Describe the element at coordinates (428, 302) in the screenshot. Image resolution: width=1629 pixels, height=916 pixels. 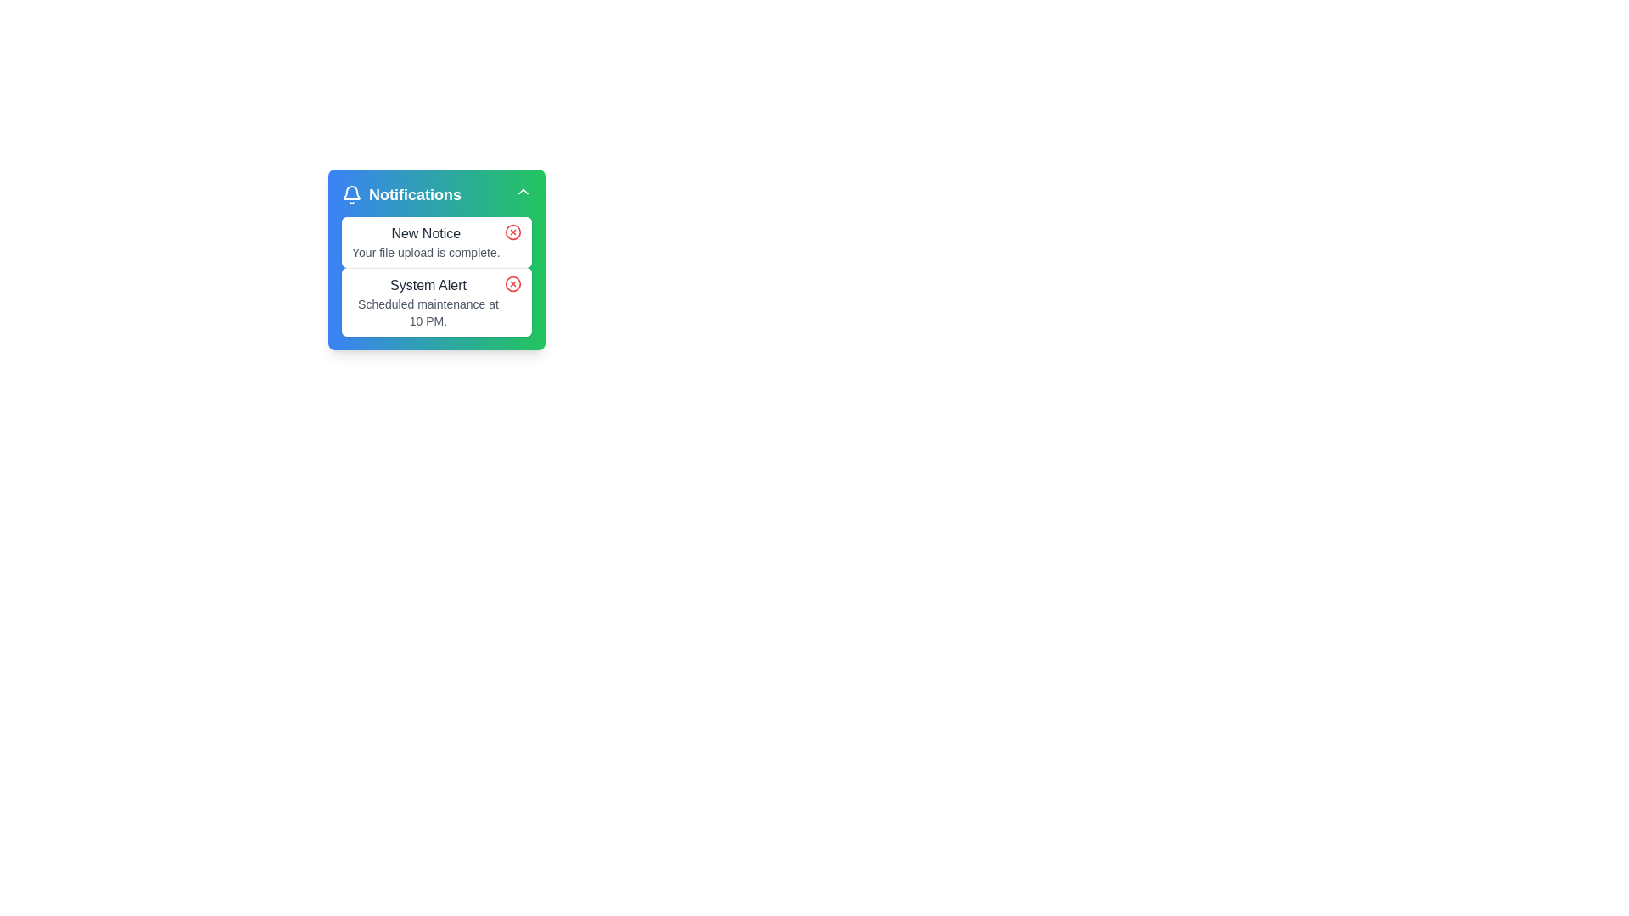
I see `the textual notification panel that displays 'System Alert' and 'Scheduled maintenance at 10 PM.'` at that location.